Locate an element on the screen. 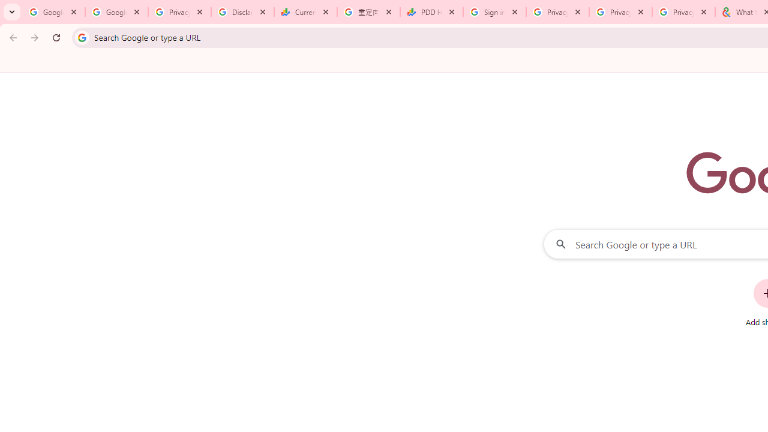  'PDD Holdings Inc - ADR (PDD) Price & News - Google Finance' is located at coordinates (431, 12).